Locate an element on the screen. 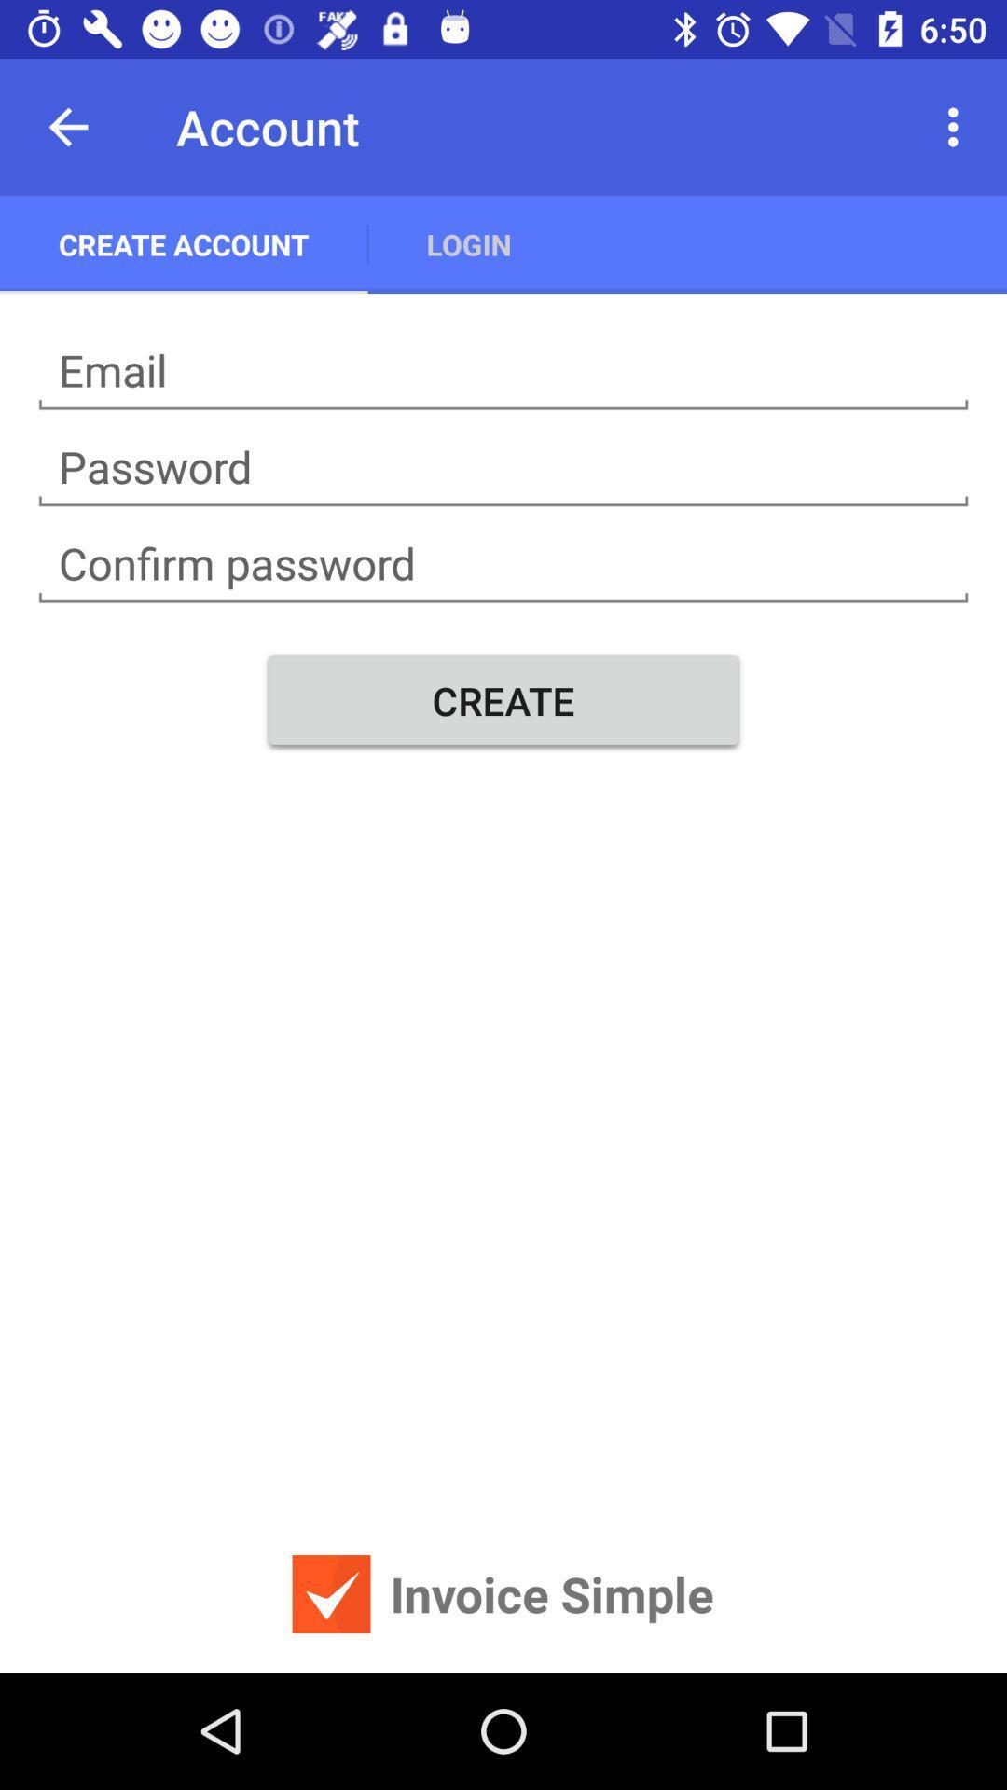  app next to create account icon is located at coordinates (468, 243).